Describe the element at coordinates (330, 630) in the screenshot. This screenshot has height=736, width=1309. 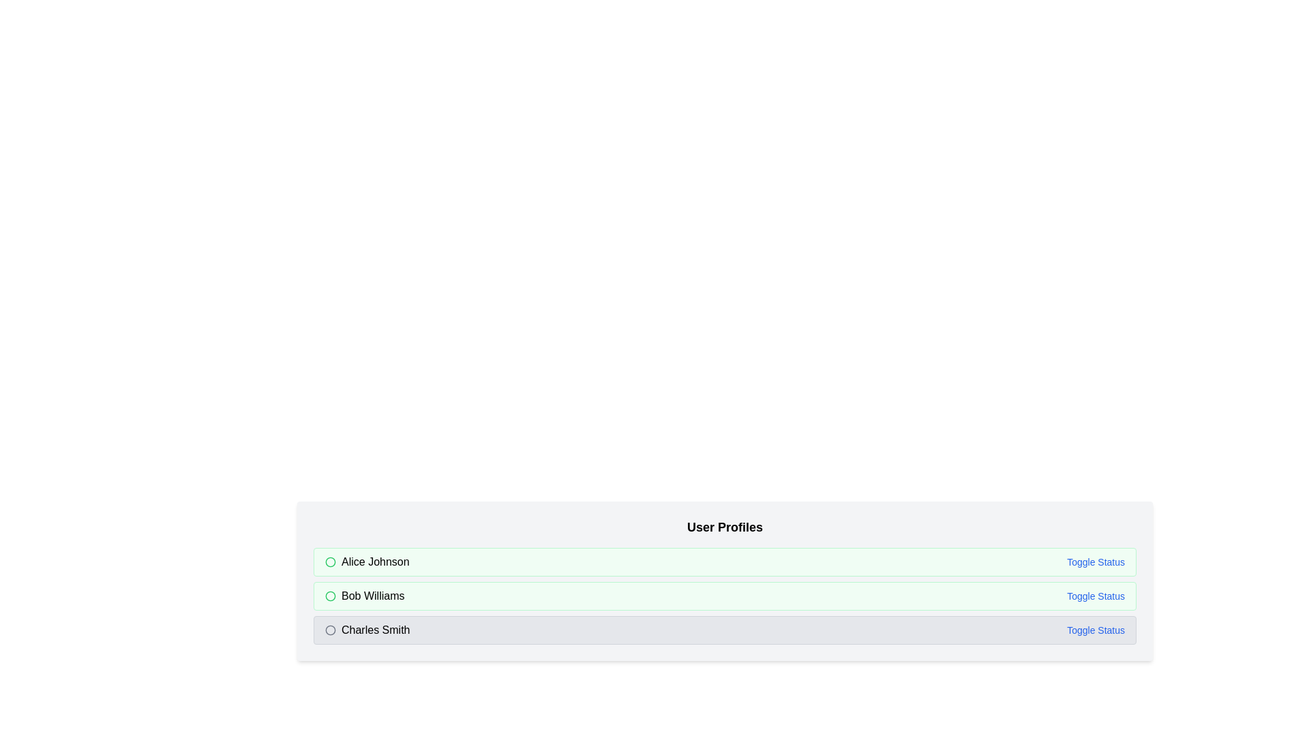
I see `the Status Indicator associated with the entry 'Charles Smith', which is the third circular icon in the vertical list of user profiles` at that location.